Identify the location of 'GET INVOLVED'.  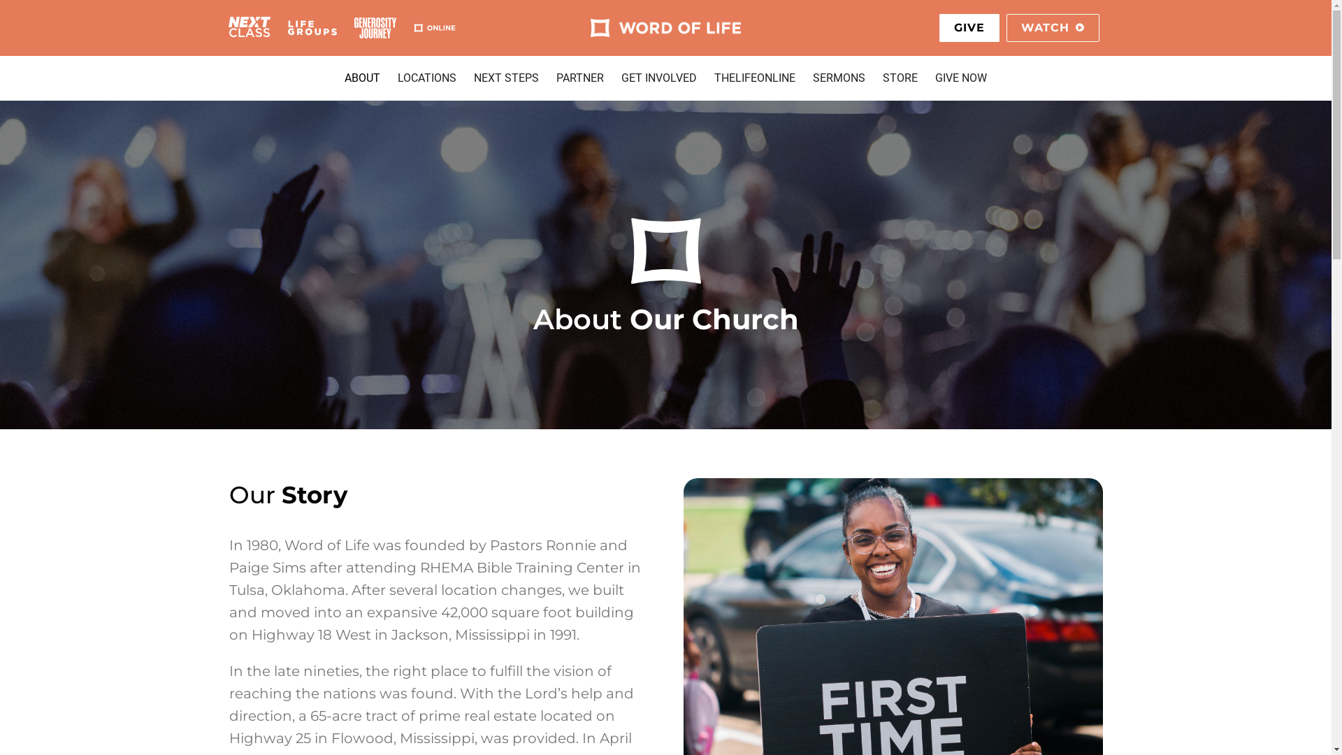
(658, 78).